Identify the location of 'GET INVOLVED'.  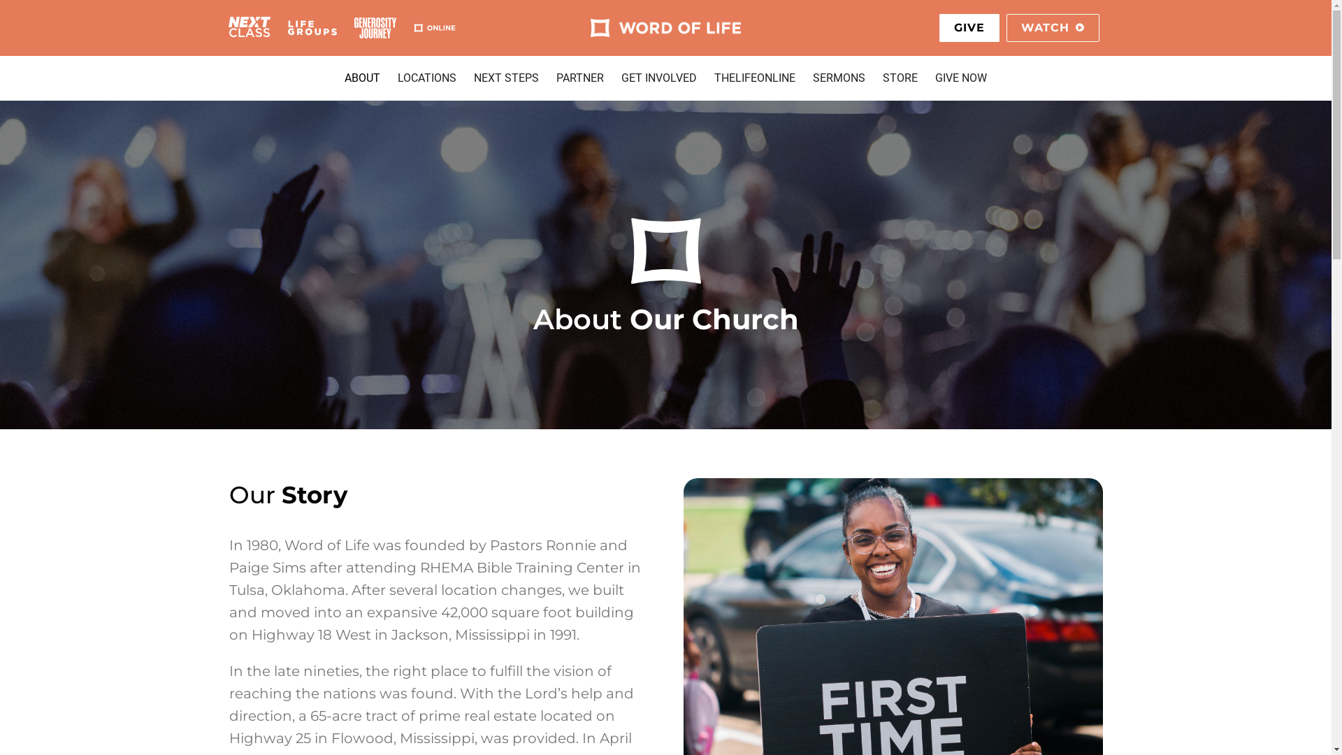
(658, 78).